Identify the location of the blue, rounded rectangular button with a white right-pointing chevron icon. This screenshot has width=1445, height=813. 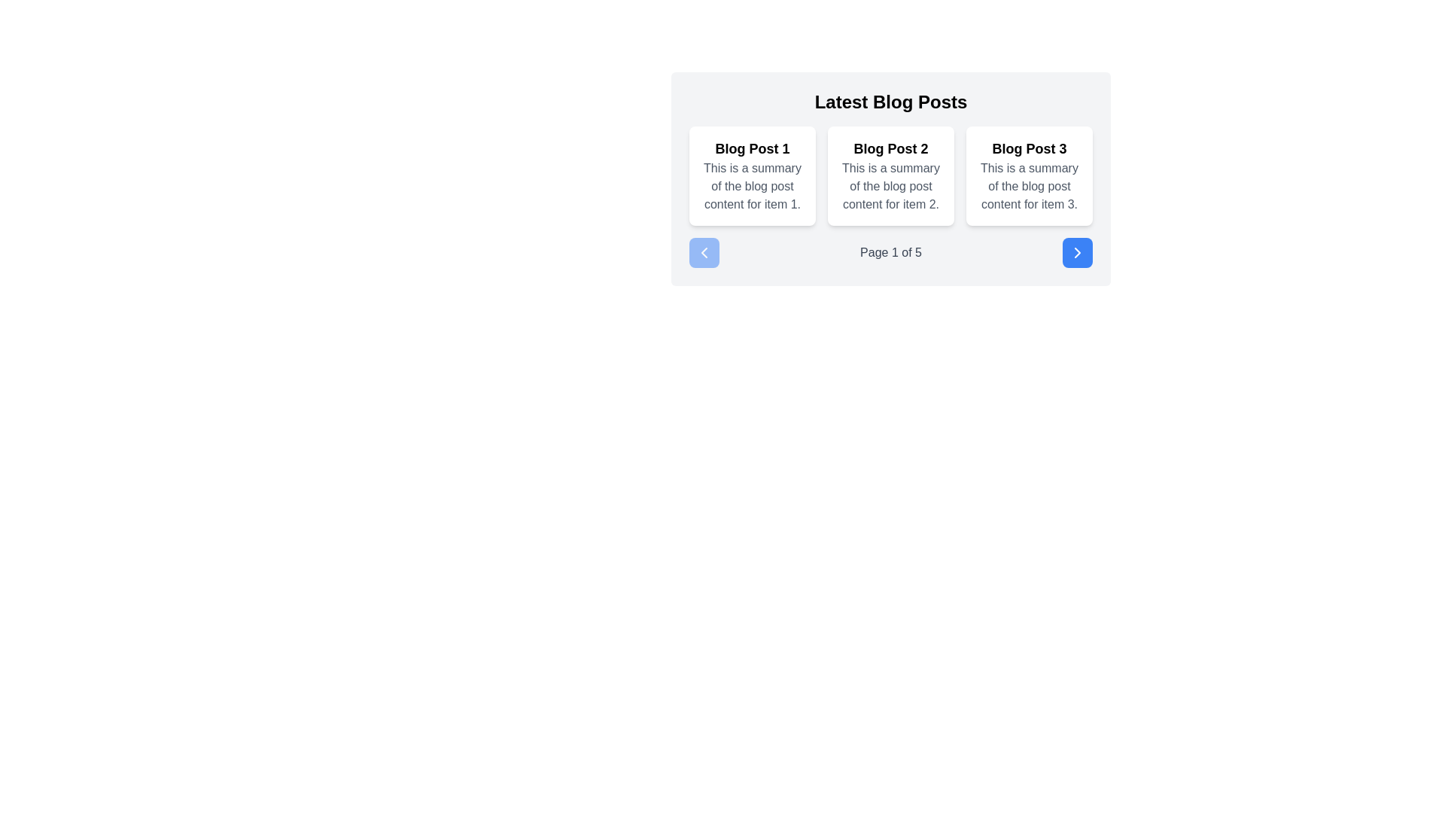
(1076, 251).